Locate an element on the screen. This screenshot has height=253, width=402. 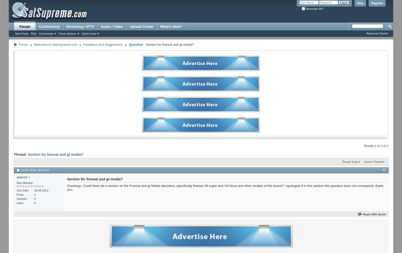
'New Member' is located at coordinates (24, 182).